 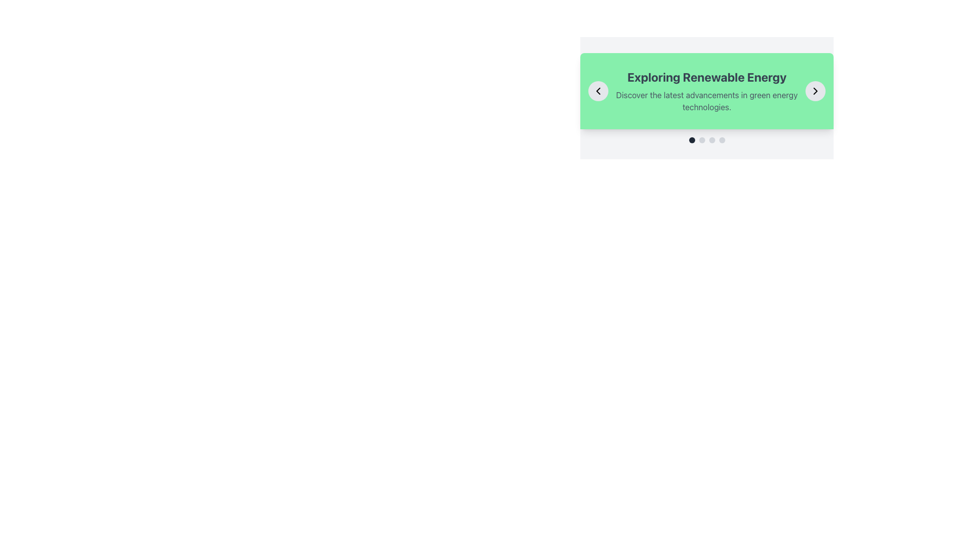 What do you see at coordinates (711, 140) in the screenshot?
I see `the third circular pagination indicator located below the 'Exploring Renewable Energy' section` at bounding box center [711, 140].